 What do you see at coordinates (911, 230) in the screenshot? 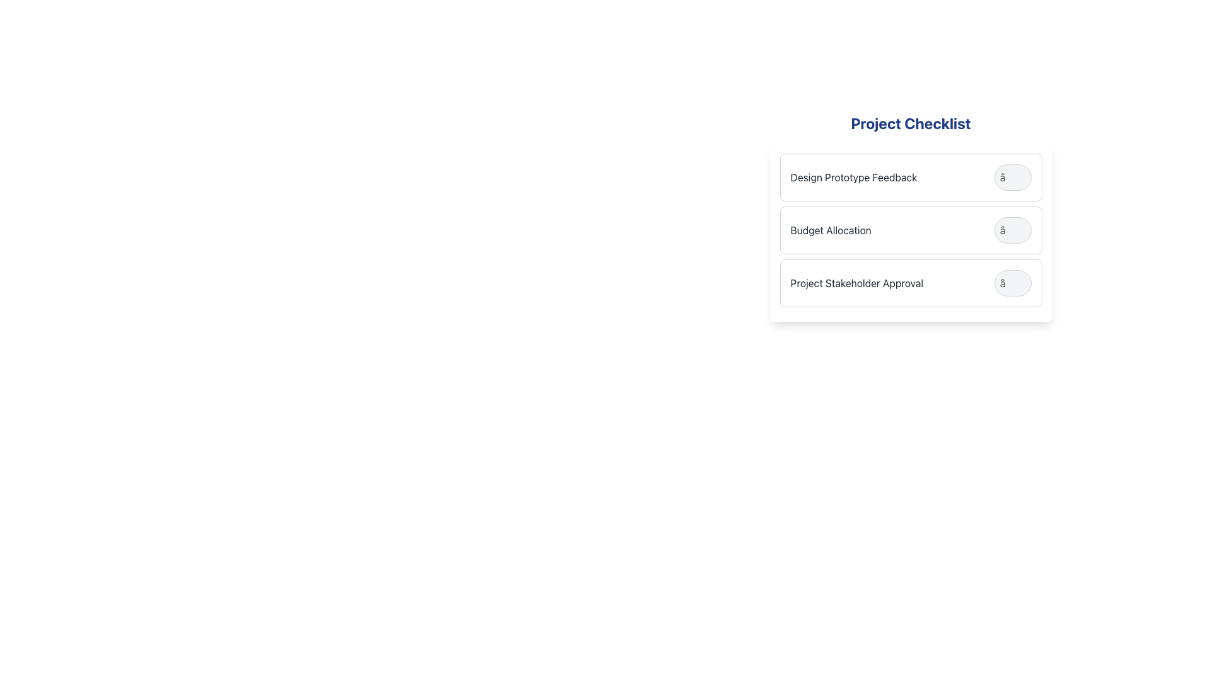
I see `the second item in the checklist or list item component, which is positioned between 'Design Prototype Feedback' and 'Project Stakeholder Approval'` at bounding box center [911, 230].